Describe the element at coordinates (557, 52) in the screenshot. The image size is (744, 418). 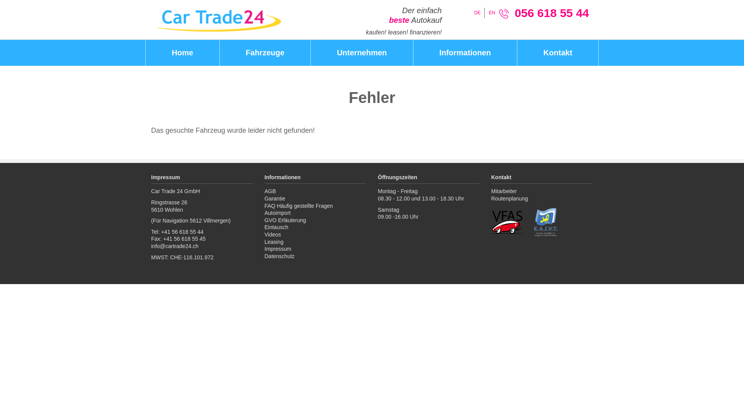
I see `'Kontakt'` at that location.